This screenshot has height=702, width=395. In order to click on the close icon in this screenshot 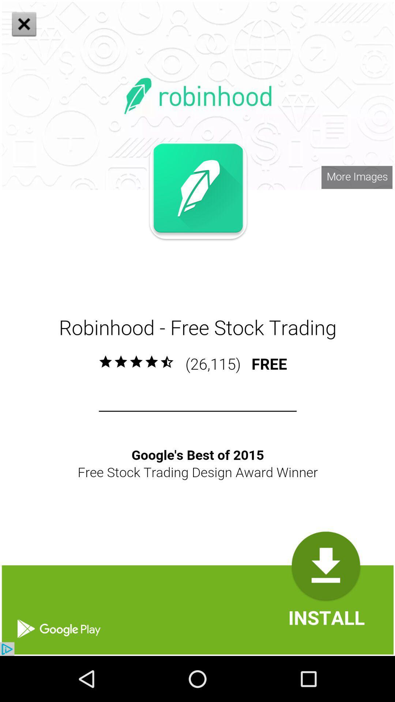, I will do `click(23, 26)`.